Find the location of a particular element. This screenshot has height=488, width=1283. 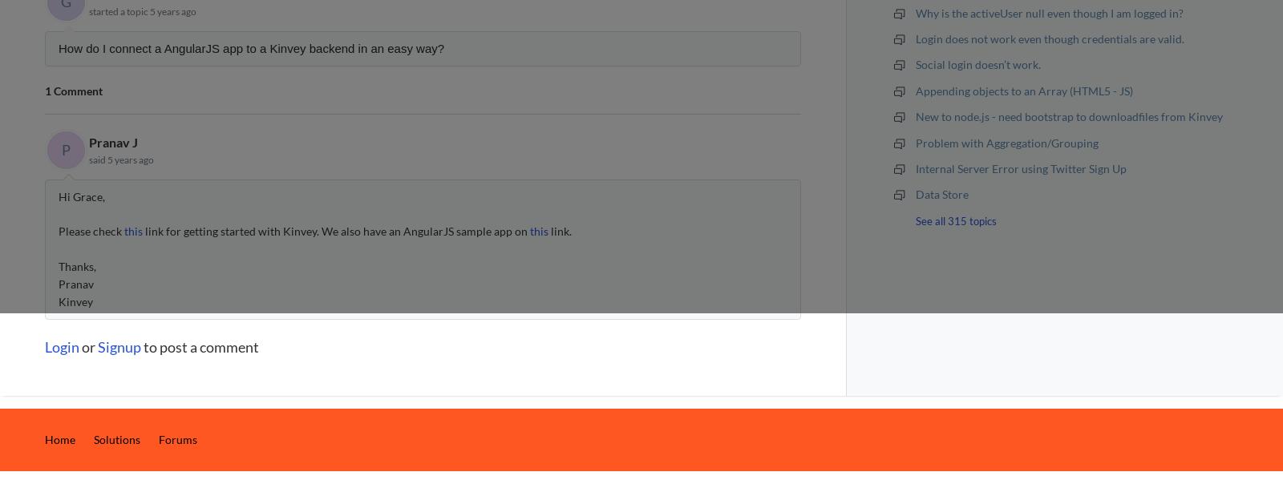

'How do I connect a AngularJS app to a Kinvey backend in an easy way?' is located at coordinates (251, 47).